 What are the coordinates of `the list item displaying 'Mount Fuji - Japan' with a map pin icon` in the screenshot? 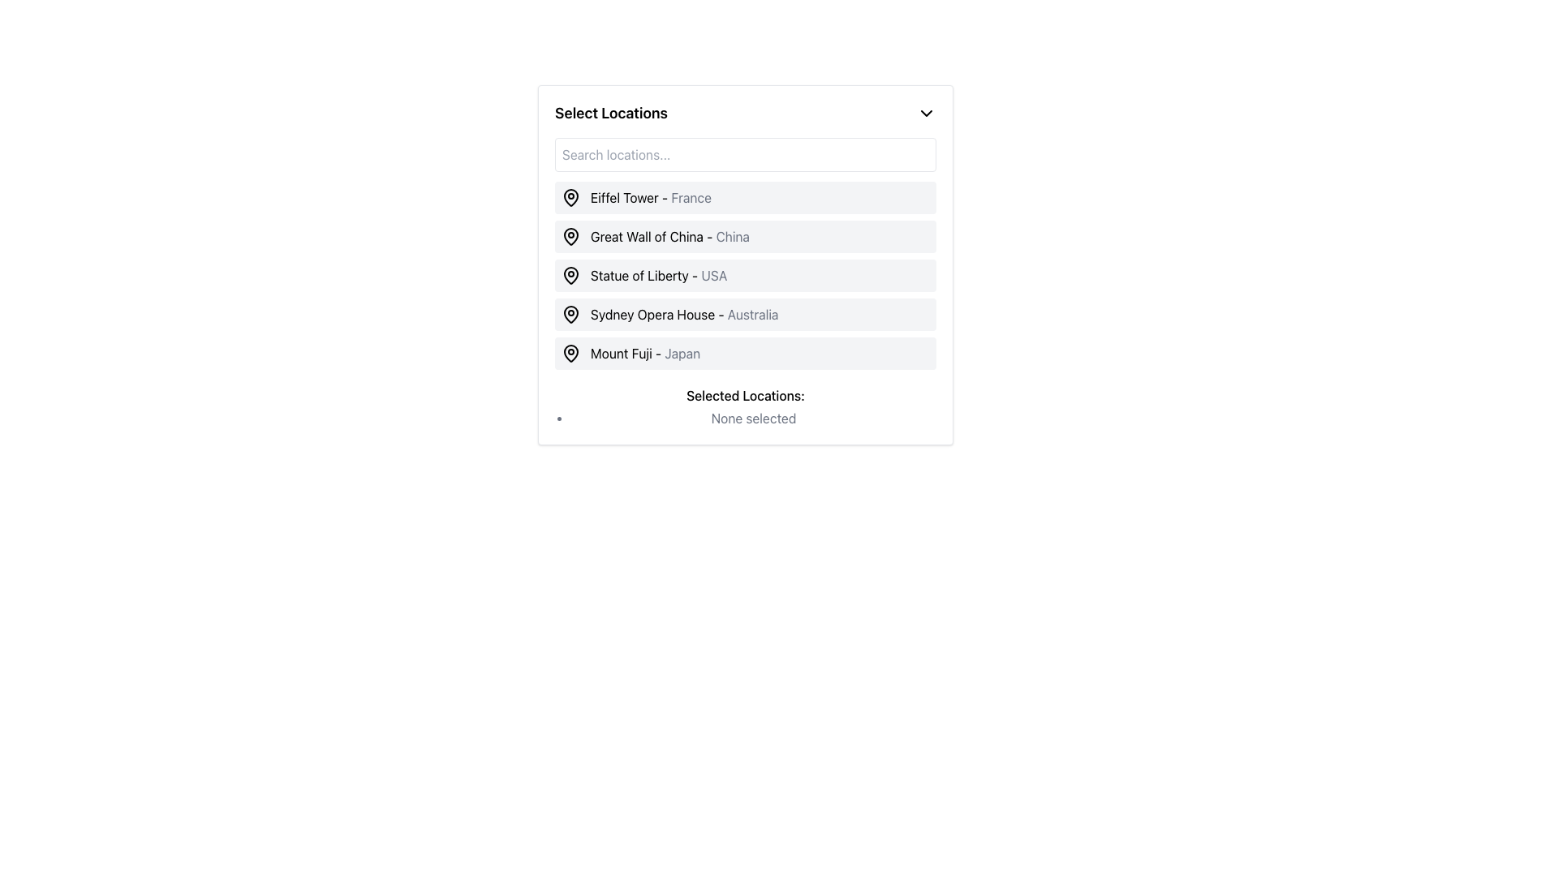 It's located at (630, 352).